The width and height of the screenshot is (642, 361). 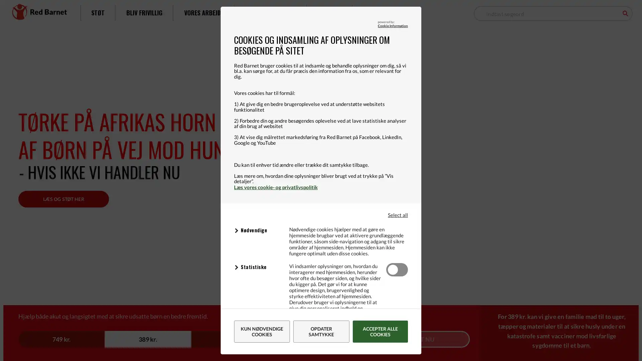 What do you see at coordinates (258, 267) in the screenshot?
I see `Data Processor: Google Analytics Formal: Indsamler oplysninger om brugerne og deres aktivitet pa websitet til analyse og rapporteringsformal. Data Processor Privacy Policy: Google Analytics - Data Processor Privacy Policy Udlb: en dag Navn: _gid Udbyder: .reloadme.redbarnet.dk Data Processor: Google Analytics Formal: Indsamler oplysninger om brugerne og deres aktivitet pa websitet til analyse og rapporteringsformal. Data Processor Privacy Policy: Google Analytics - Data Processor Privacy Policy Udlb: 2 ar Navn: _ga Udbyder: .reloadme.redbarnet.dk Data Processor: Google Analytics Formal: Indsamler oplysninger om brugerne og deres aktivitet pa websitet til analyse og rapporteringsformal. Data Processor Privacy Policy: Google Analytics - Data Processor Privacy Policy Udlb: fa sekunder Navn: _gat_UA-xxx-xxx Udbyder: .reloadme.redbarnet.dk` at bounding box center [258, 267].